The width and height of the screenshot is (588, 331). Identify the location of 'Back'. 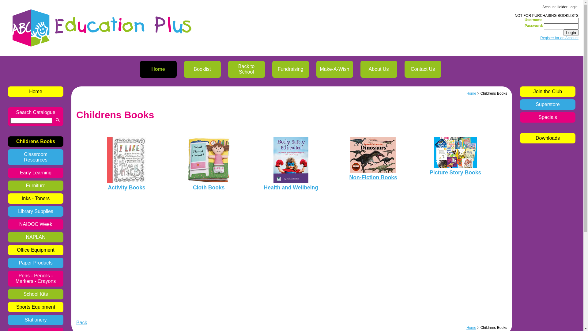
(76, 322).